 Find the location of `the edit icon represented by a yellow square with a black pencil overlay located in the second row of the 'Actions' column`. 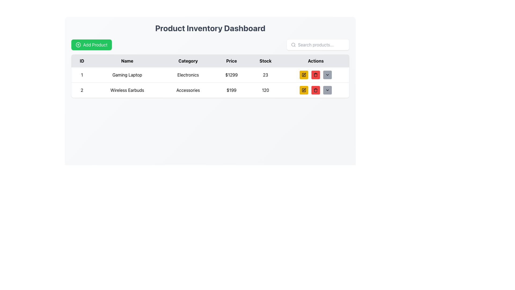

the edit icon represented by a yellow square with a black pencil overlay located in the second row of the 'Actions' column is located at coordinates (304, 90).